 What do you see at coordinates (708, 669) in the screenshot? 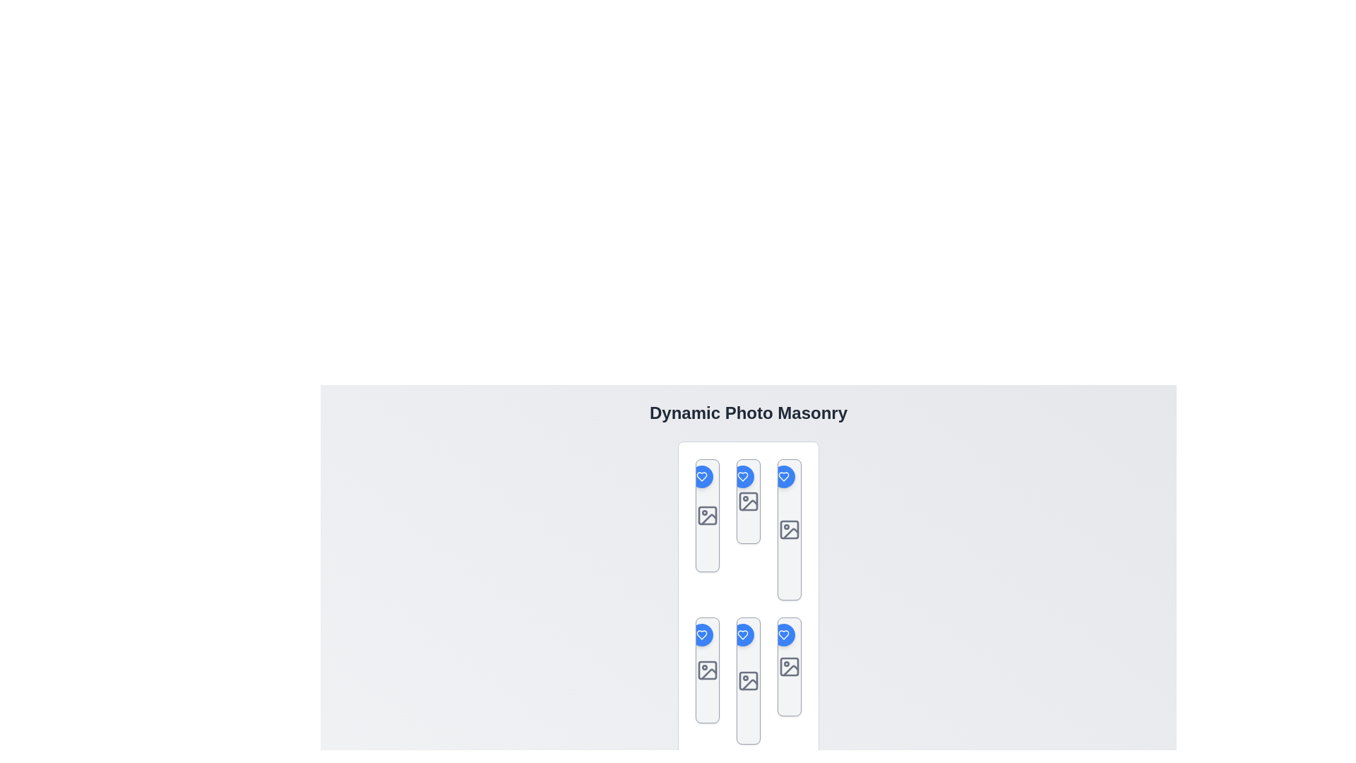
I see `the decorative graphical component located in the lower portion of an image icon, specifically in the fourth column and second row of the grid layout` at bounding box center [708, 669].